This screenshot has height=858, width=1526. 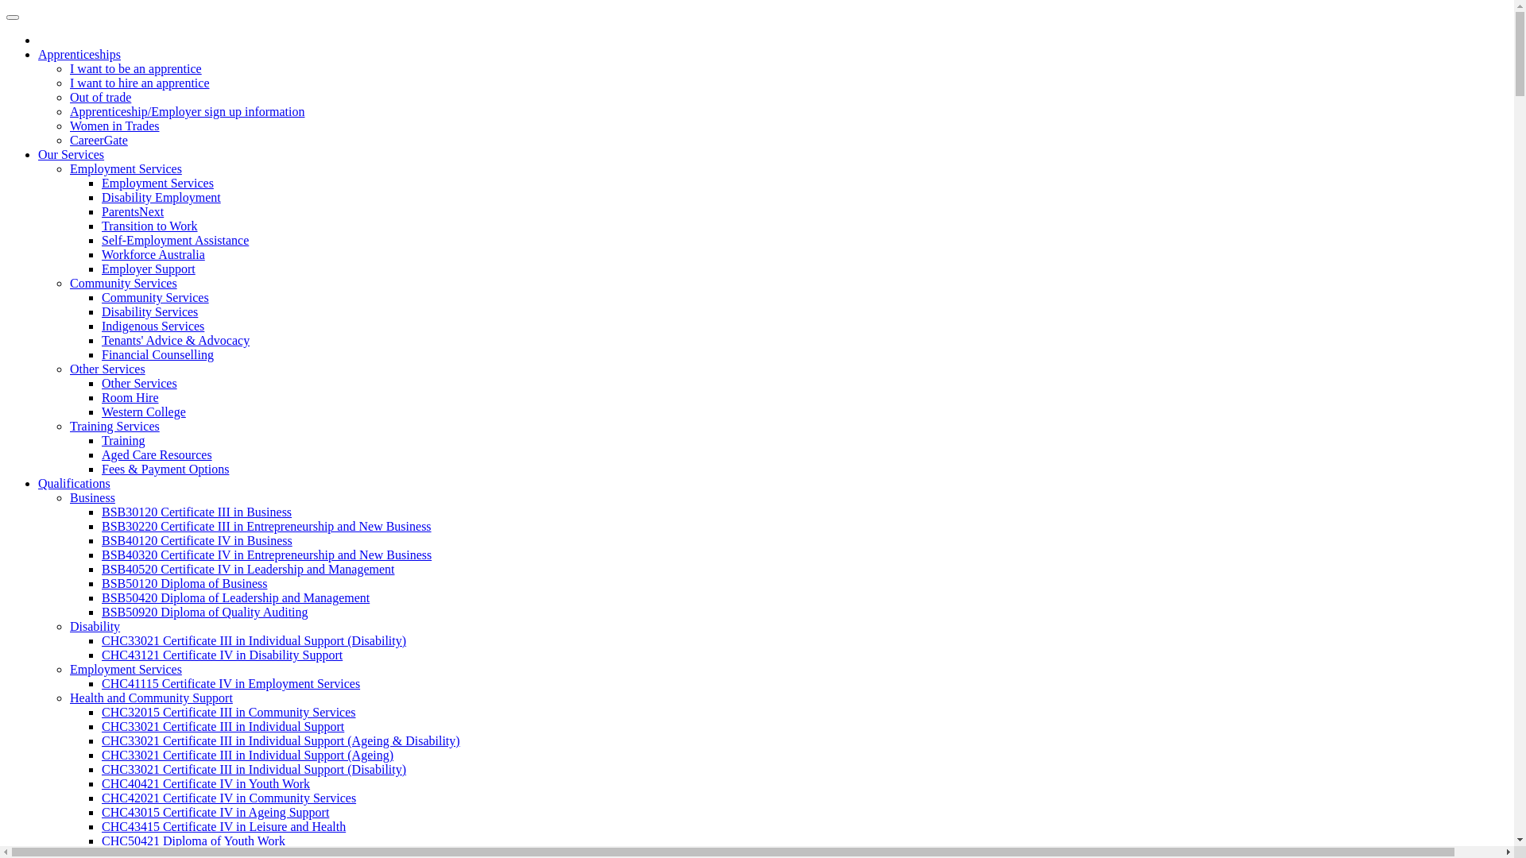 I want to click on 'Room Hire', so click(x=130, y=396).